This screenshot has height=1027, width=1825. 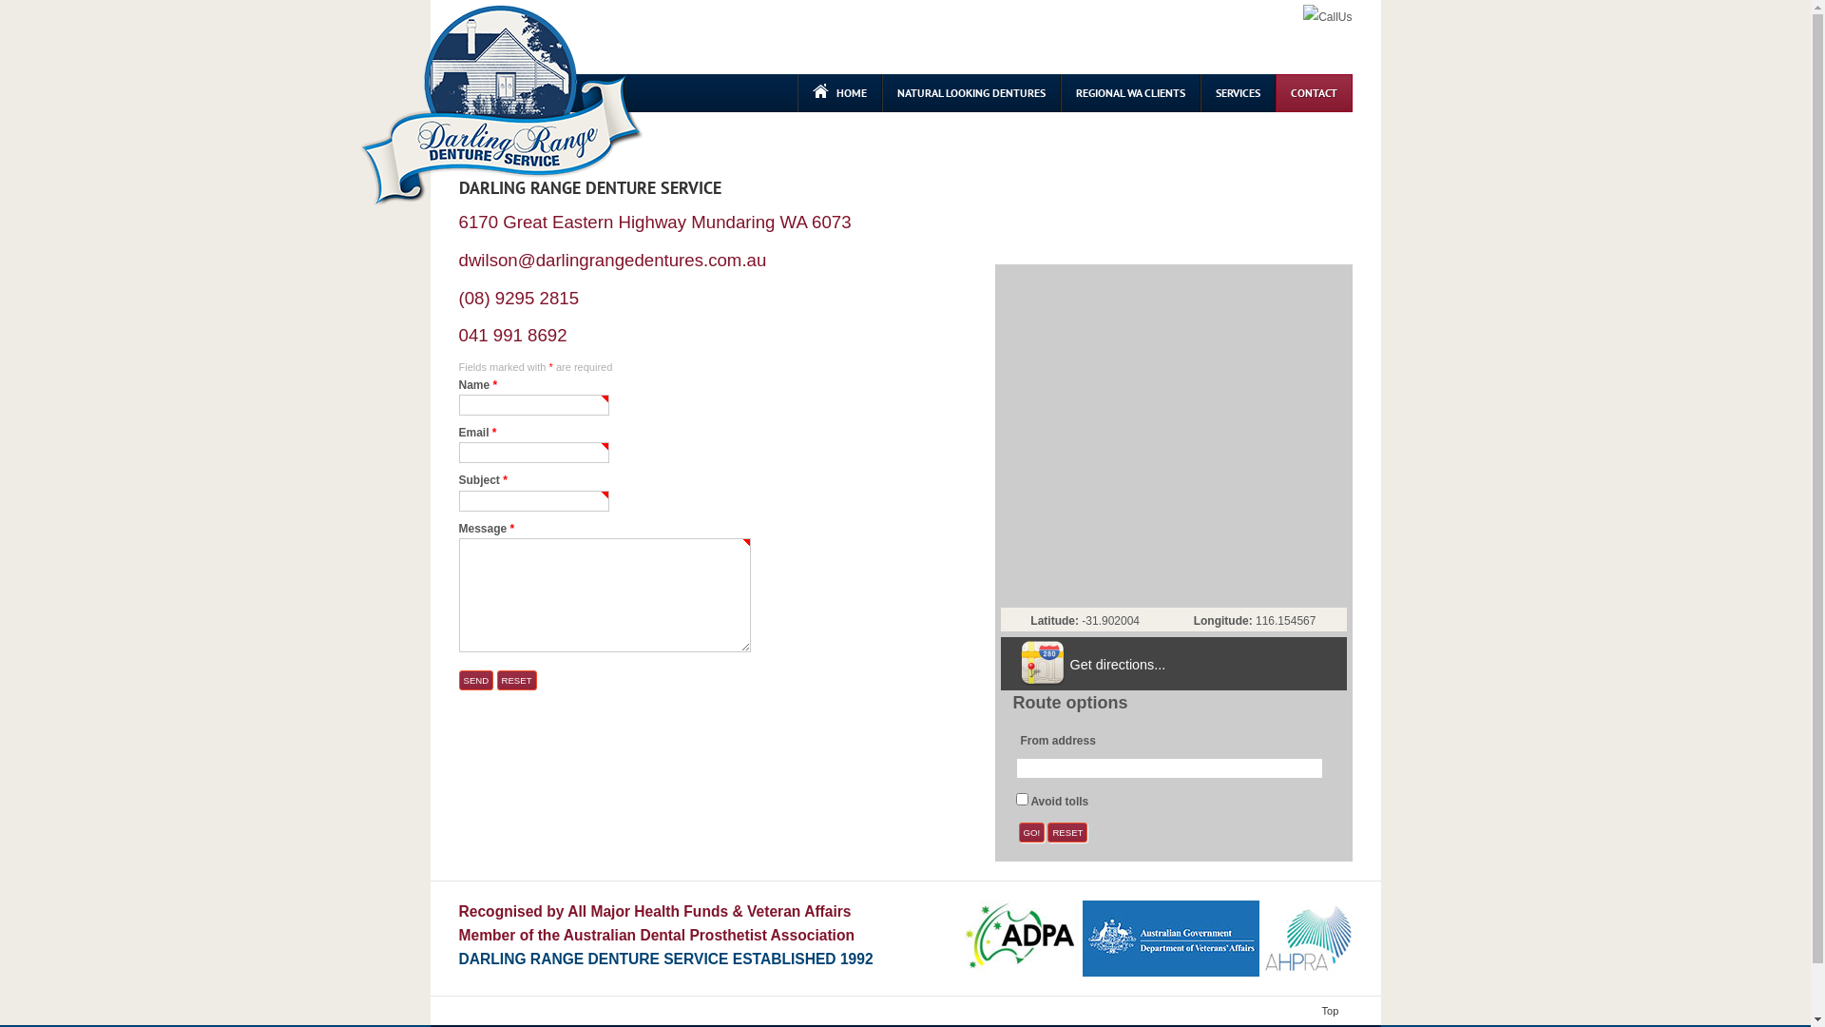 I want to click on 'Darling Range Denture Service', so click(x=502, y=106).